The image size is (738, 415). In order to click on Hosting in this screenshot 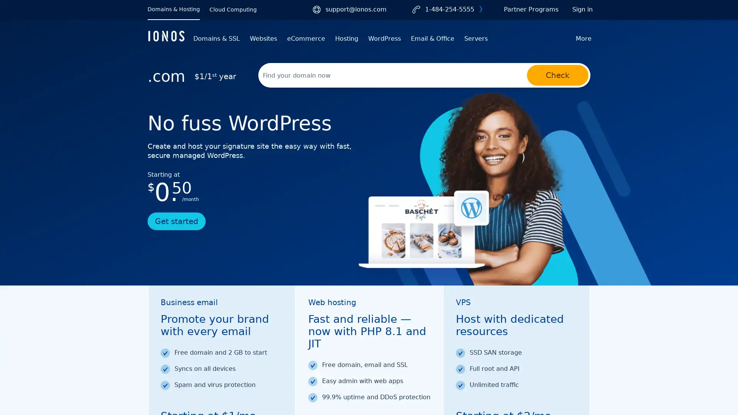, I will do `click(340, 38)`.